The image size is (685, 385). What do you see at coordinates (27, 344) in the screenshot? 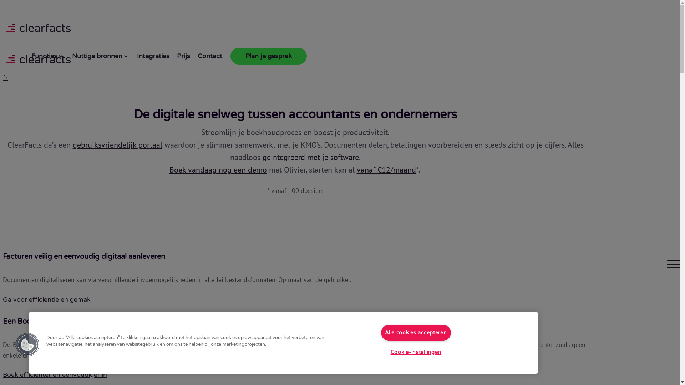
I see `'Cookies Button'` at bounding box center [27, 344].